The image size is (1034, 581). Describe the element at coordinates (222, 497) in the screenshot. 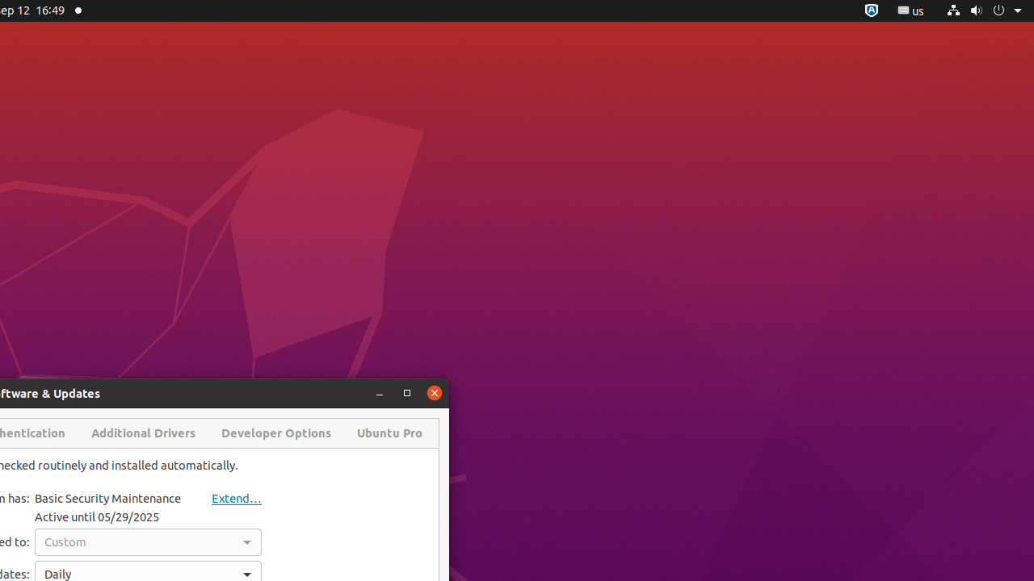

I see `'Extend…'` at that location.